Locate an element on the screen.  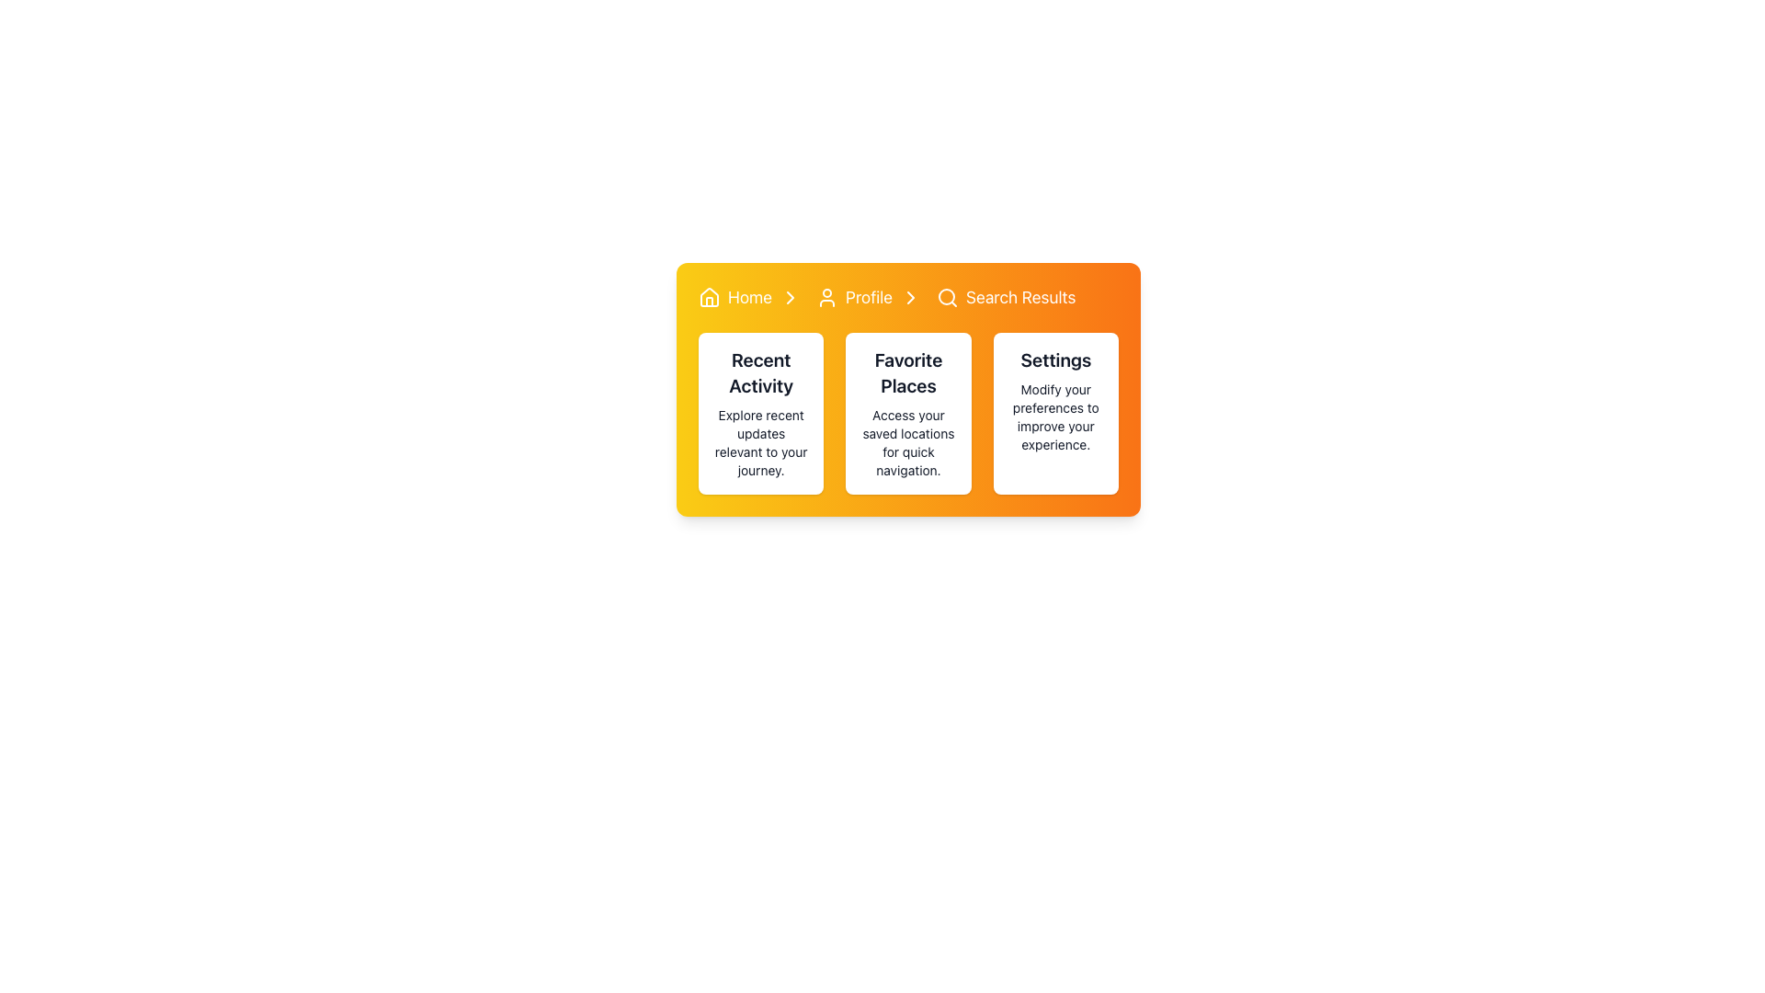
the breadcrumb navigation link directing to the Profile section, which is the second clickable item in the navigation bar following 'Home' is located at coordinates (868, 297).